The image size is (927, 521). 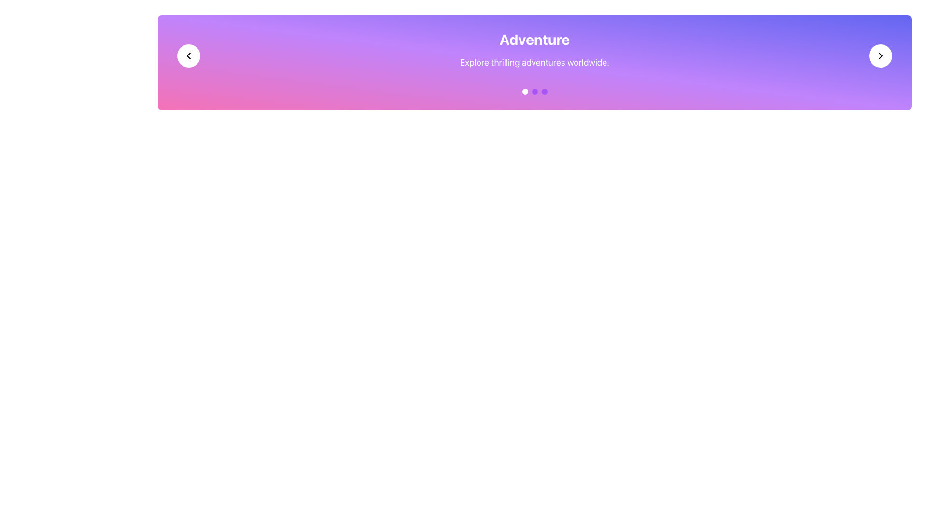 I want to click on the Navigation icon located on the left side of the gradient header bar, so click(x=188, y=55).